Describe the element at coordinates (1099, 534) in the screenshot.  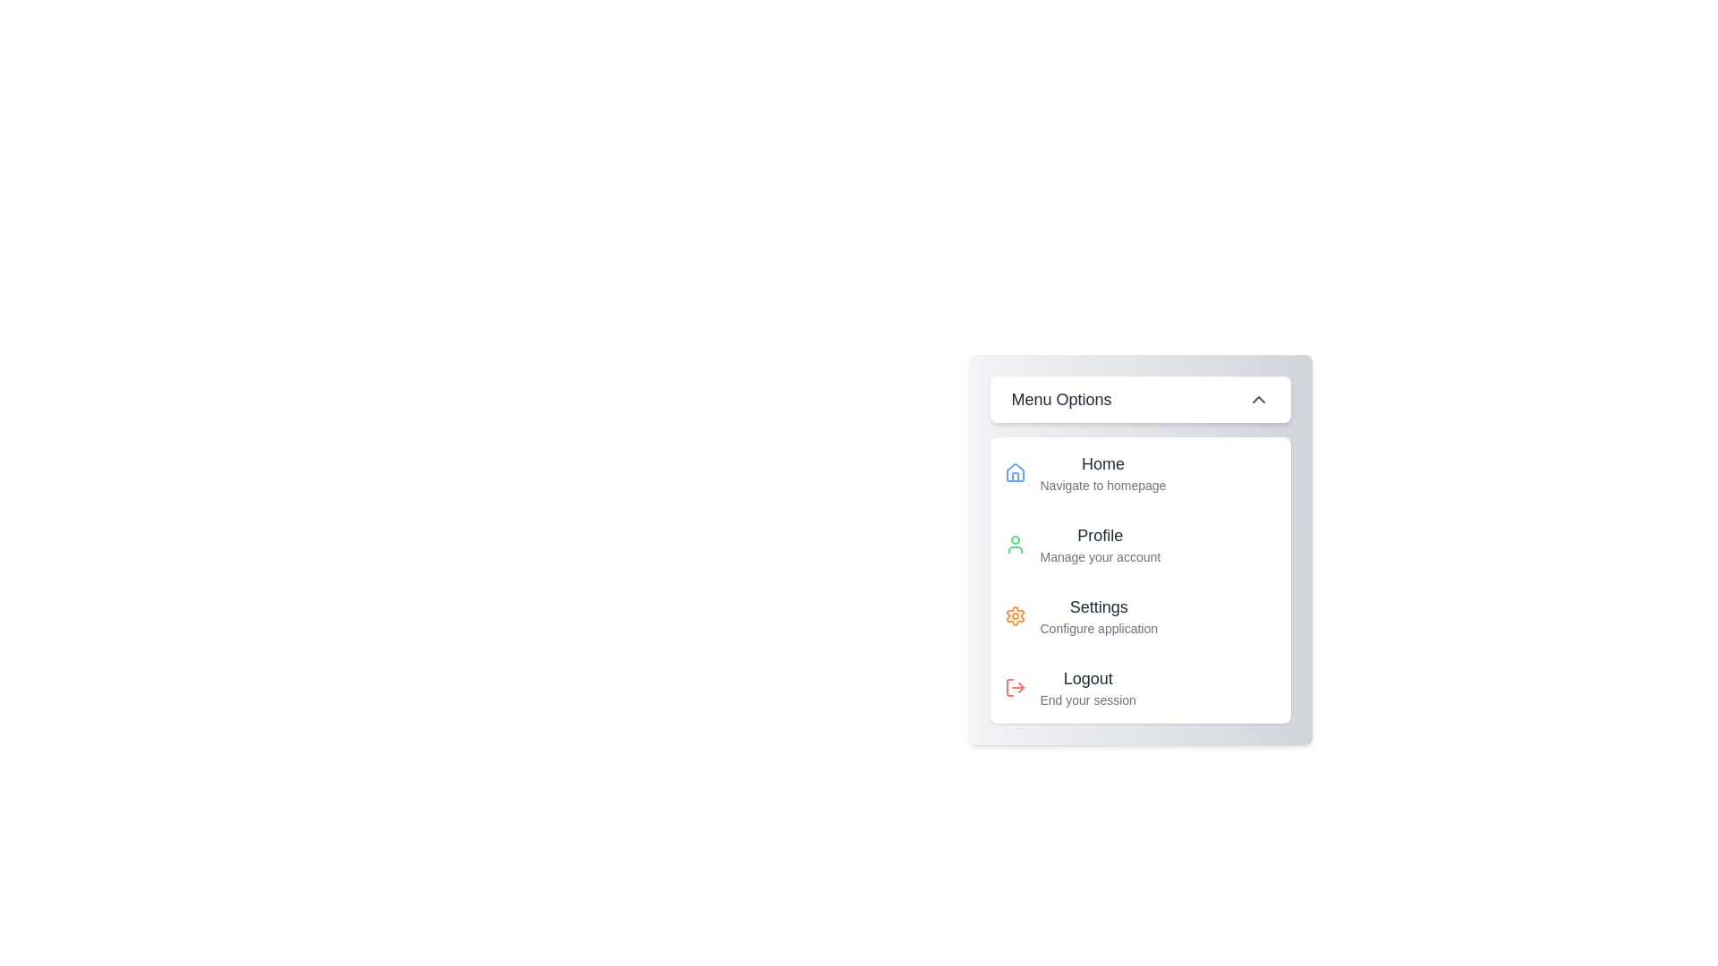
I see `the 'Profile' label which displays the word 'Profile' in a medium-sized, bold font in dark gray color, located centrally in the 'Menu Options' panel, below 'Home' and above descriptive text` at that location.